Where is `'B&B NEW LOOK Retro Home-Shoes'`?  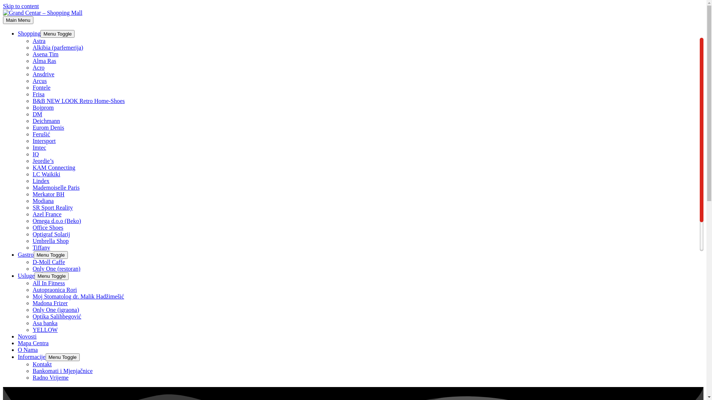
'B&B NEW LOOK Retro Home-Shoes' is located at coordinates (79, 101).